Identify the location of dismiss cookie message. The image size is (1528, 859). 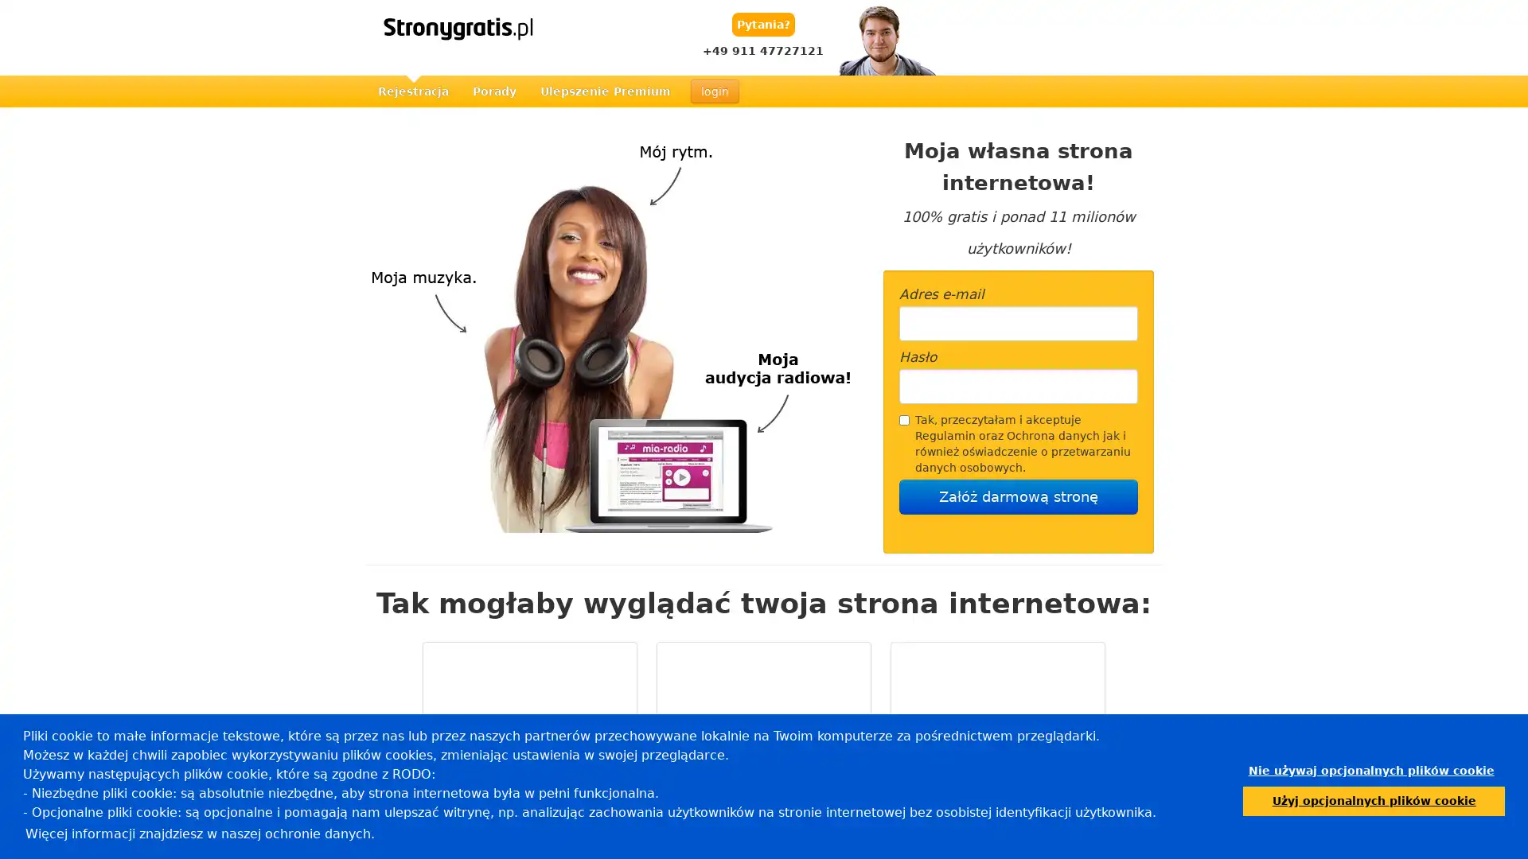
(1370, 770).